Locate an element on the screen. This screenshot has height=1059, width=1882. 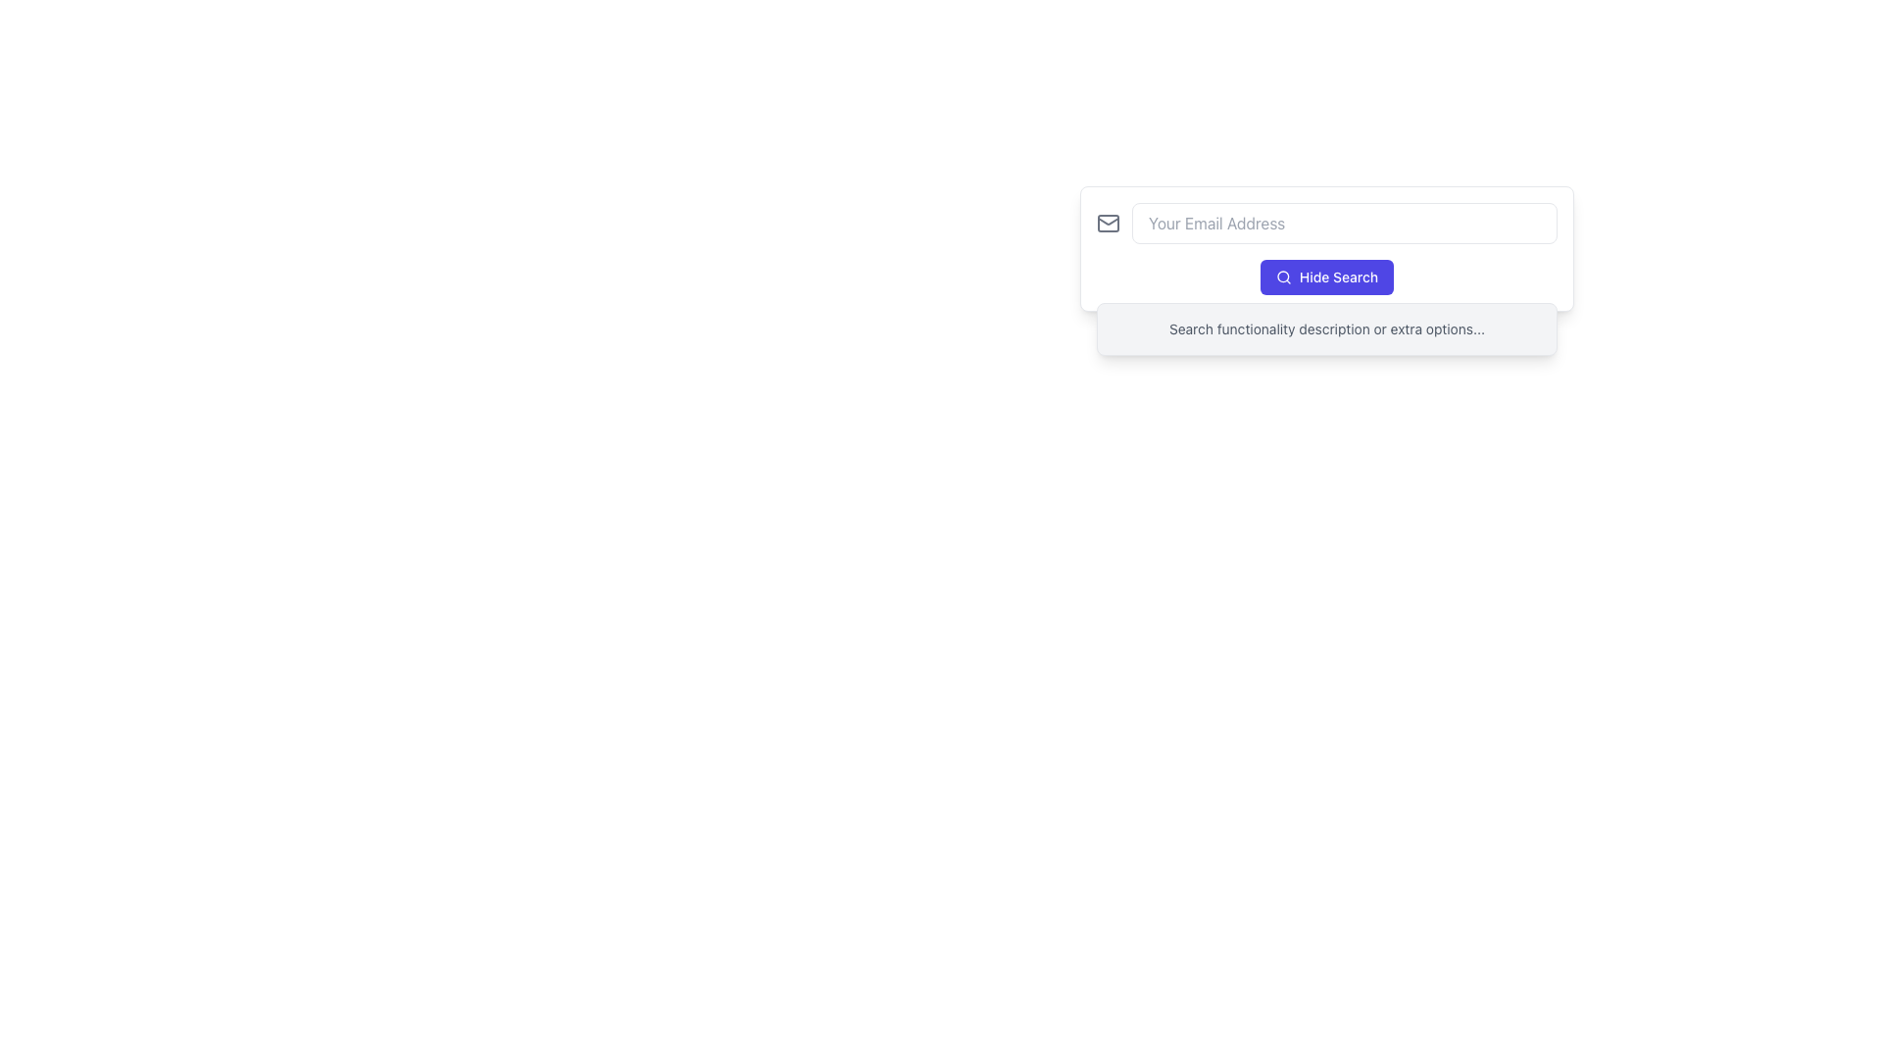
the informational tooltip or contextual hint box with rounded corners and gray background that contains the text 'Search functionality description or extra options...', located below the 'Hide Search' button is located at coordinates (1326, 328).